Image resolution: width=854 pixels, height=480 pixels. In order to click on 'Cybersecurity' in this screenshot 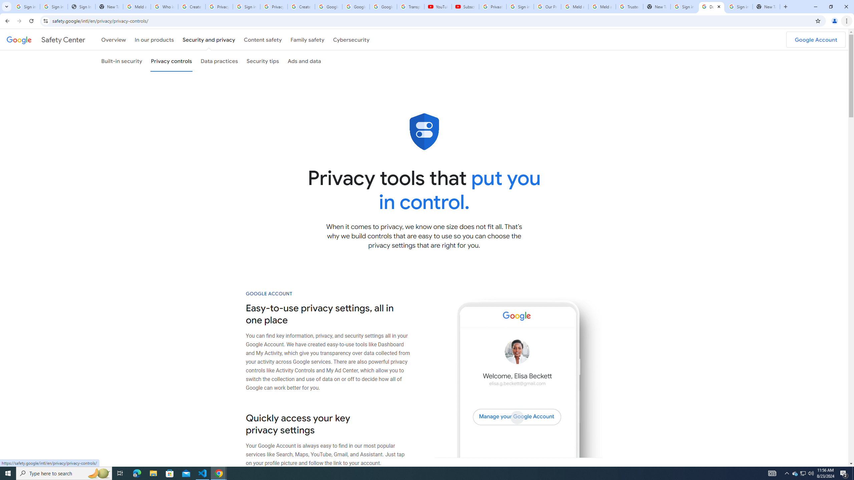, I will do `click(351, 39)`.